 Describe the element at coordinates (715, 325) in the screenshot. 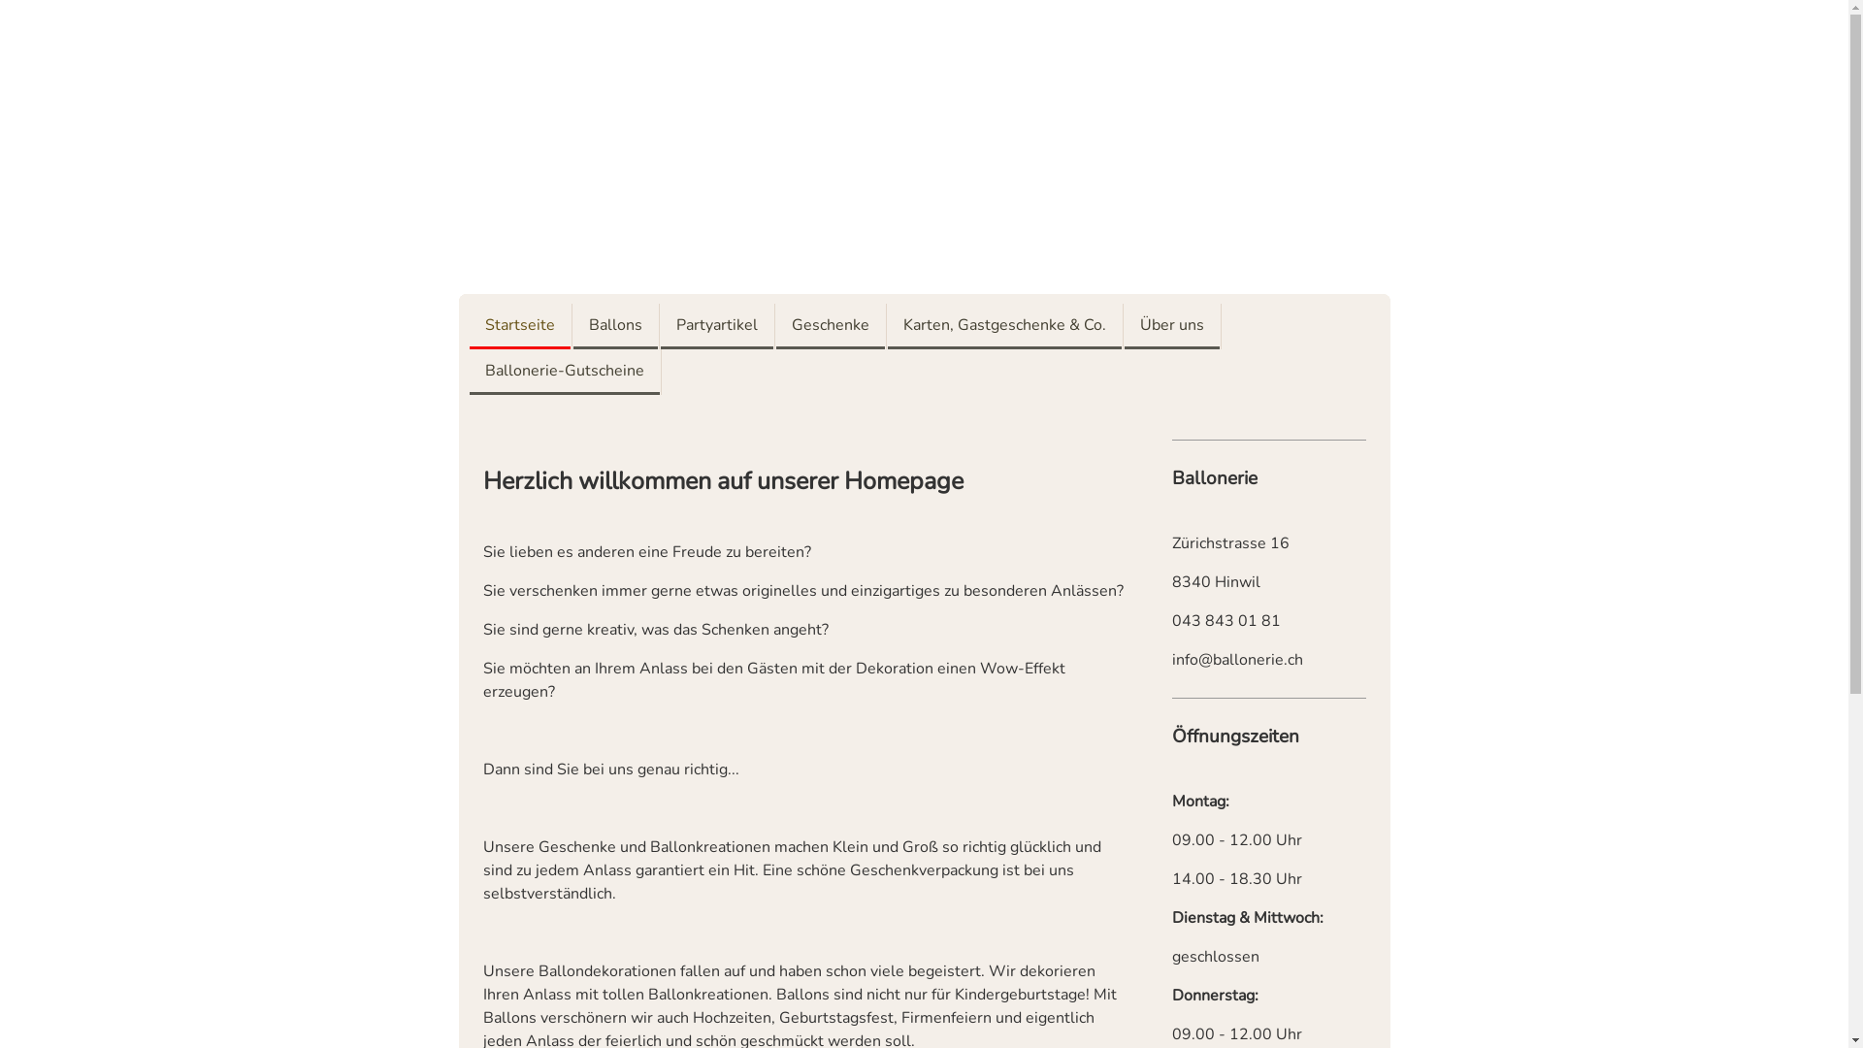

I see `'Partyartikel'` at that location.